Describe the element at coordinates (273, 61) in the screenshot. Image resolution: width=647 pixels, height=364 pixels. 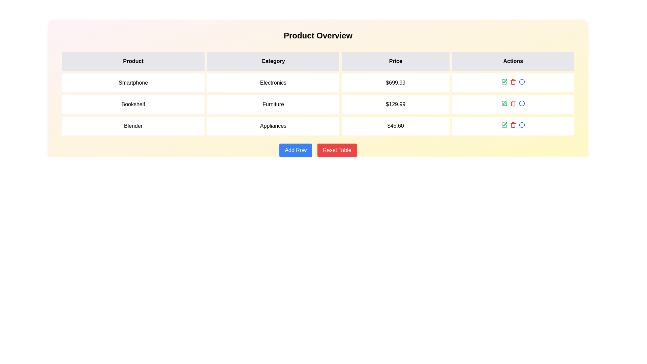
I see `text of the 'Category' label located in the header row of the table, positioned between 'Product' and 'Price'` at that location.